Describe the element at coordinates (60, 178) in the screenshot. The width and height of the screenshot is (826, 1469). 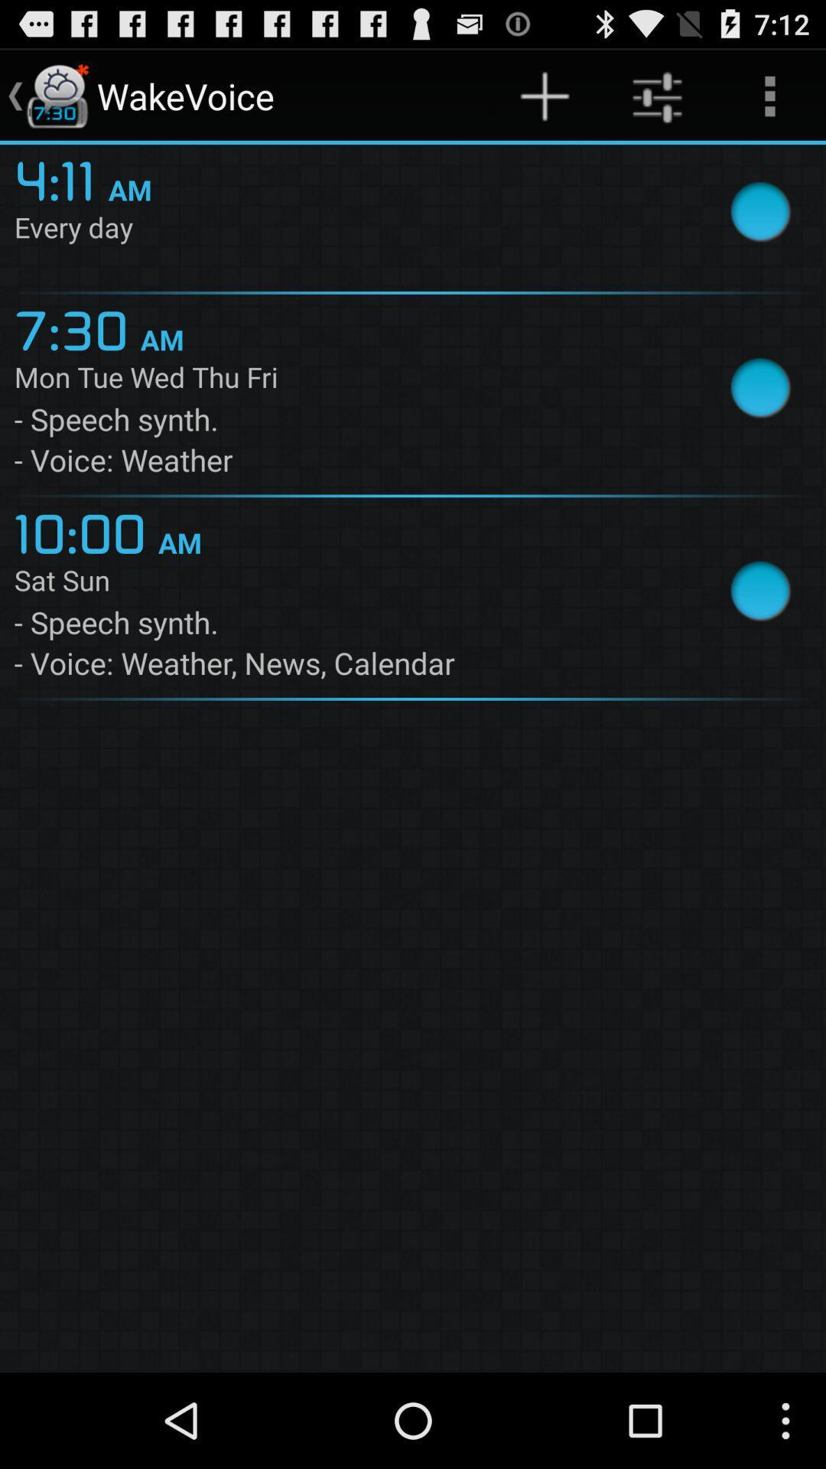
I see `app next to am item` at that location.